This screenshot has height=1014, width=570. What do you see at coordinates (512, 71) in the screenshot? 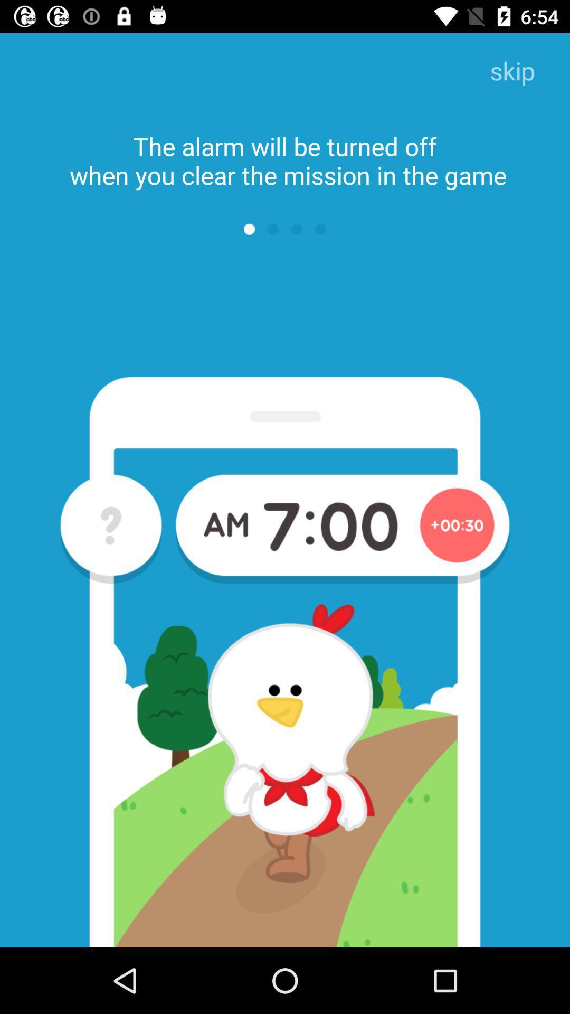
I see `skip item` at bounding box center [512, 71].